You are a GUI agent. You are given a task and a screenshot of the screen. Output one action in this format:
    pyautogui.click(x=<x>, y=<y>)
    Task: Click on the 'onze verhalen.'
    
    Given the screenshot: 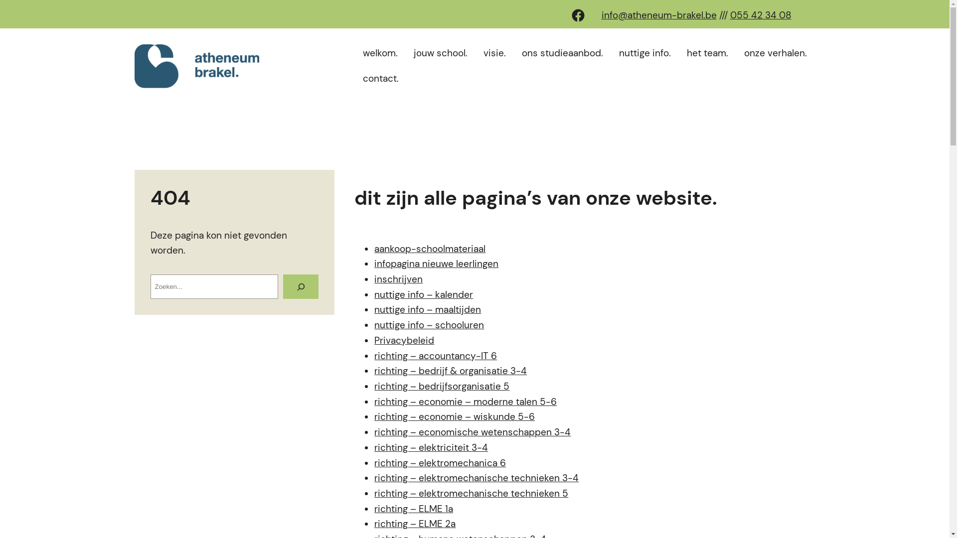 What is the action you would take?
    pyautogui.click(x=740, y=53)
    